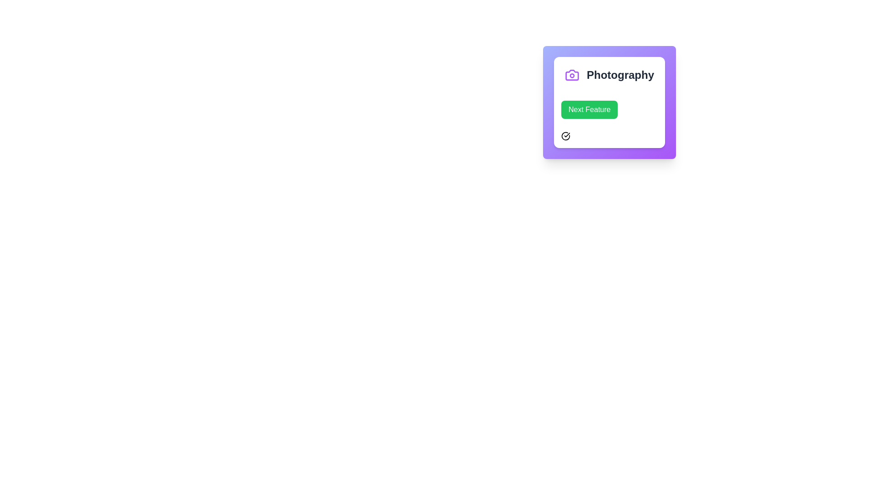 This screenshot has height=492, width=874. Describe the element at coordinates (610, 102) in the screenshot. I see `the 'Photography' button with a purple gradient border` at that location.